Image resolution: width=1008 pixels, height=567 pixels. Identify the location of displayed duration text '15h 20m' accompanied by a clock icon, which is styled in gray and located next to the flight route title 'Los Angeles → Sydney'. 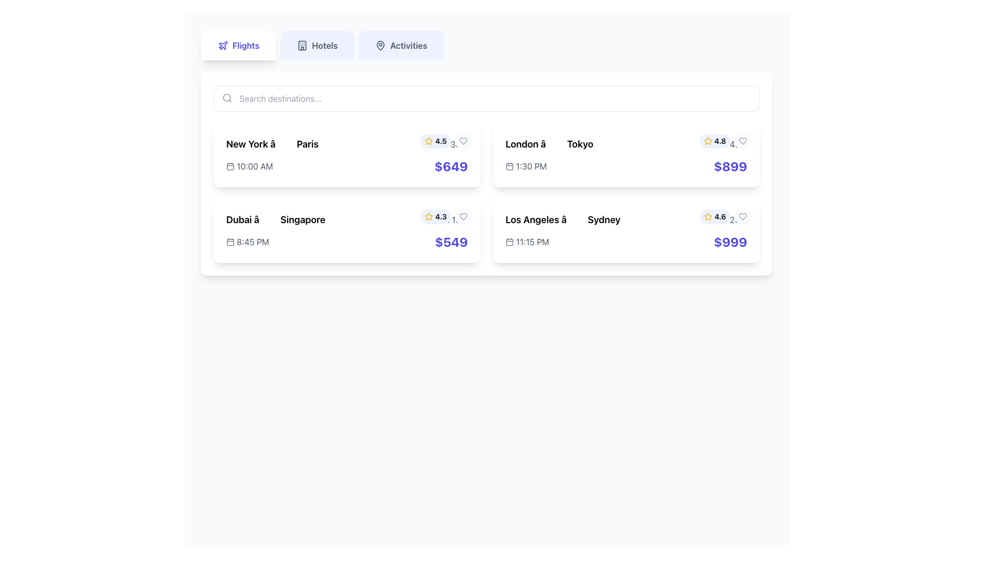
(724, 219).